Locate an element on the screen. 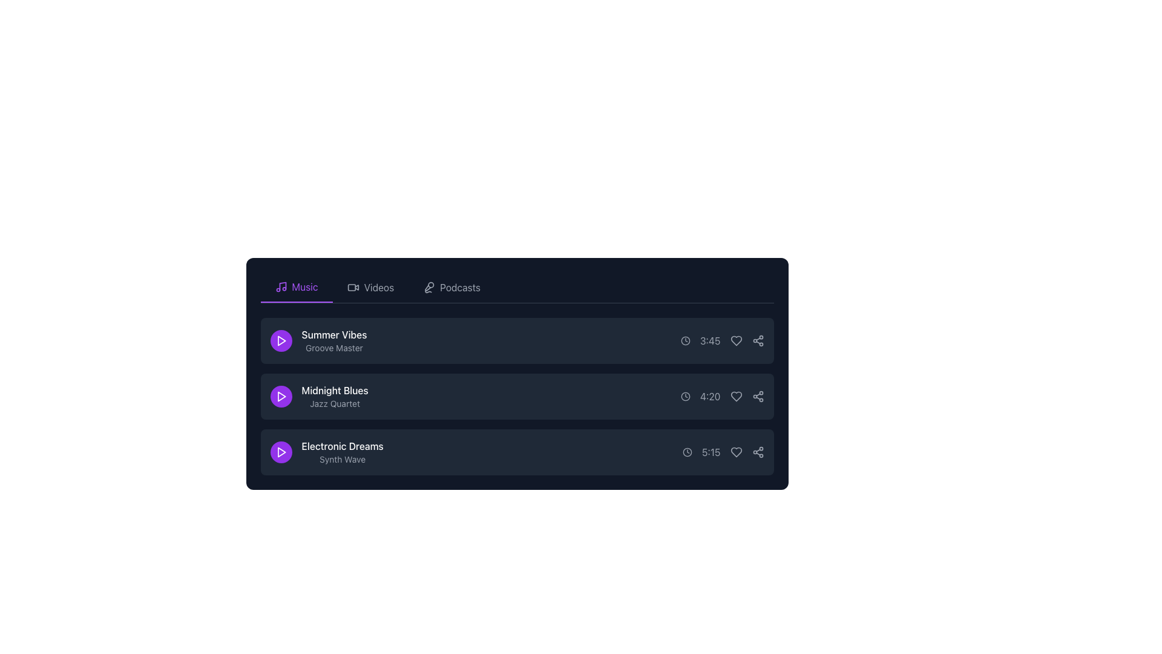  the SVG Circle that represents the boundary of the clock icon for the 'Electronic Dreams' music track, located on the right side of the last track entry in the list is located at coordinates (687, 452).